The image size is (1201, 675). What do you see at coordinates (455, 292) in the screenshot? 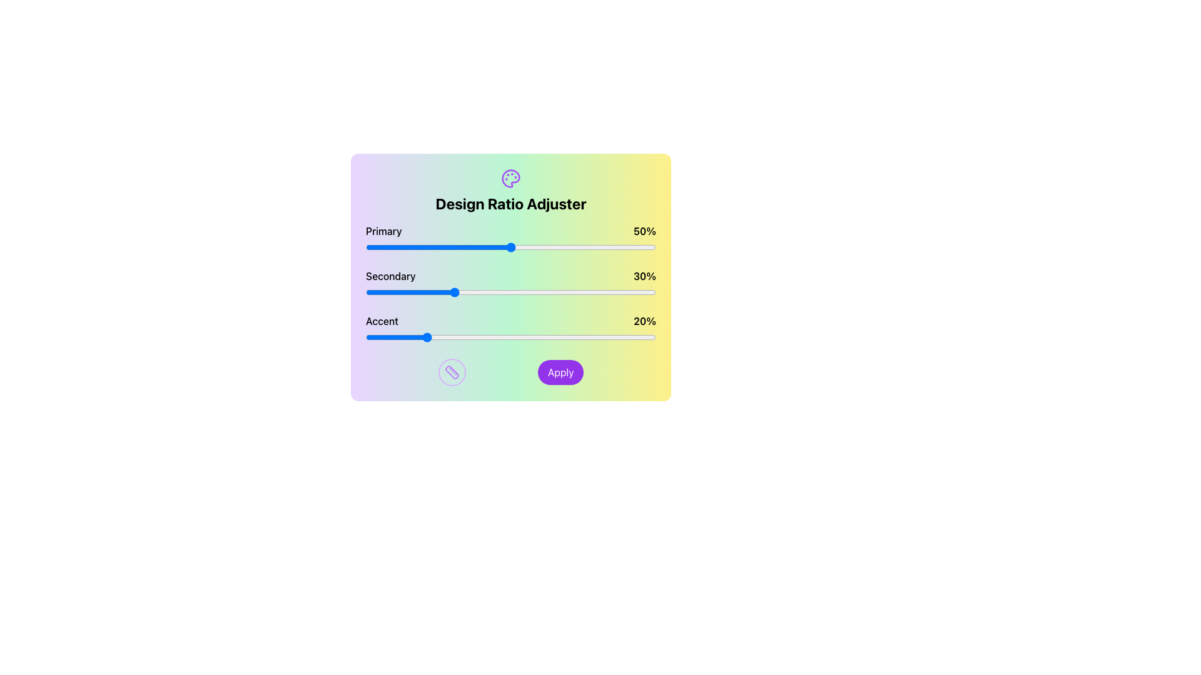
I see `the slider` at bounding box center [455, 292].